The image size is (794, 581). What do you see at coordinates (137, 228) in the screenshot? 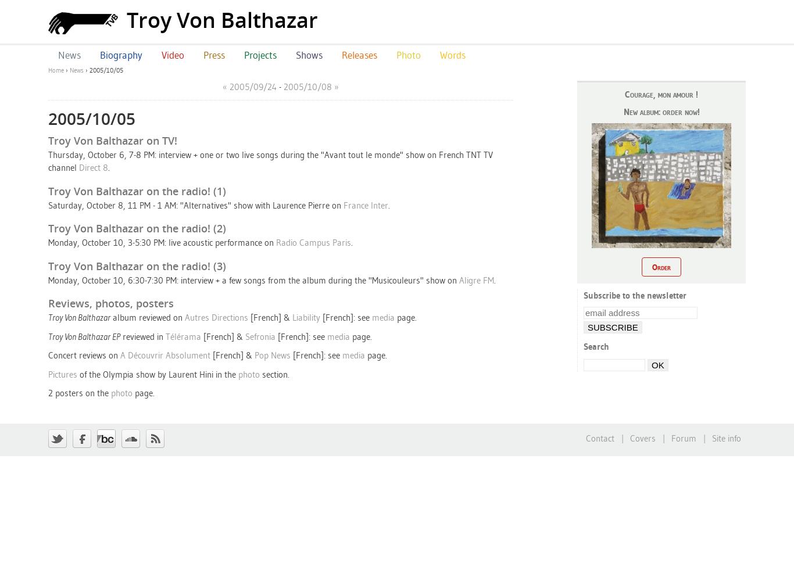
I see `'Troy Von Balthazar on the radio! (2)'` at bounding box center [137, 228].